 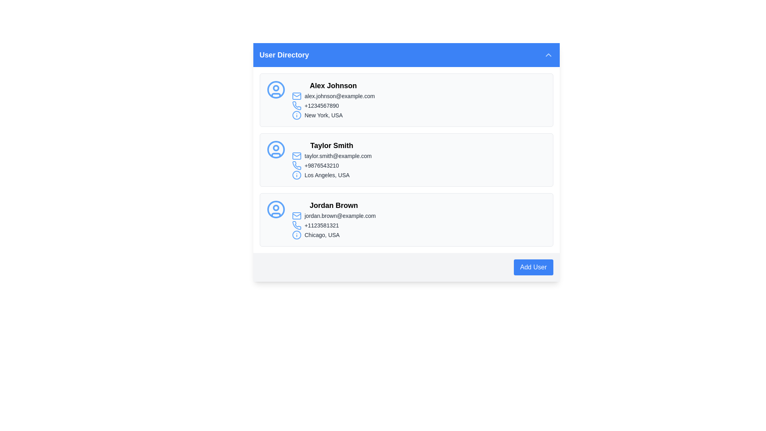 What do you see at coordinates (296, 225) in the screenshot?
I see `the decorative phone icon located to the left of the phone number for 'Jordan Brown'` at bounding box center [296, 225].